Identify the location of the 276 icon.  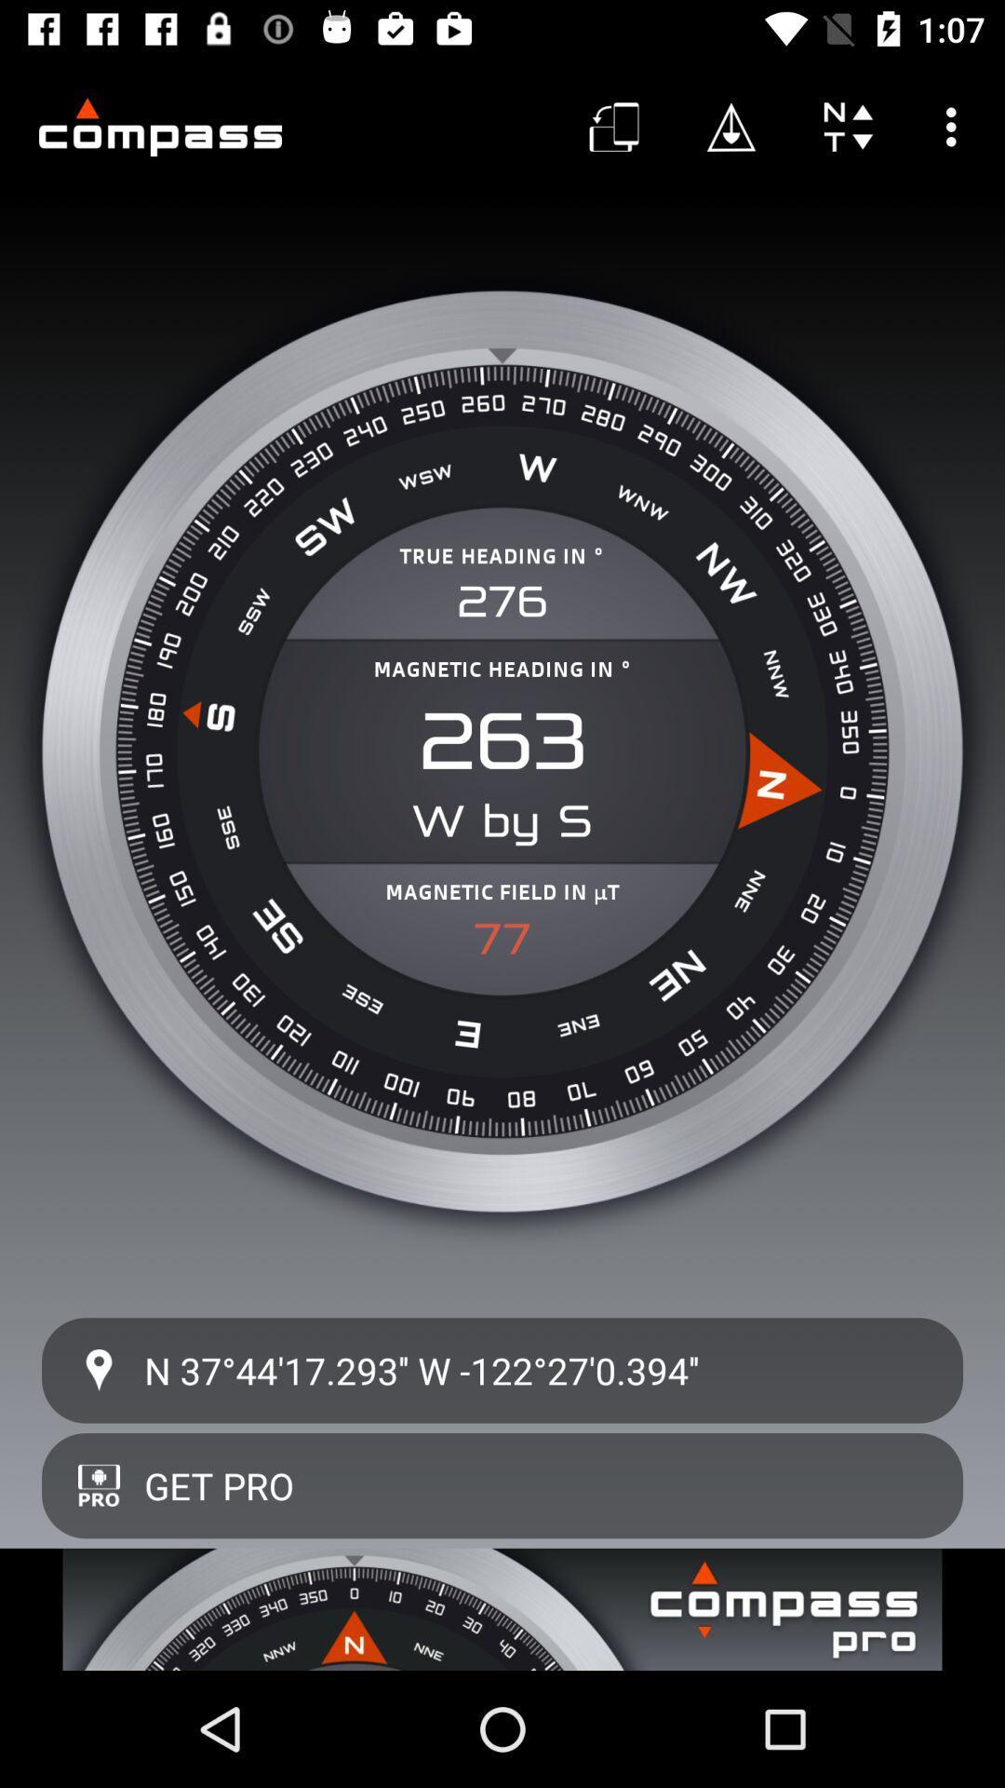
(502, 602).